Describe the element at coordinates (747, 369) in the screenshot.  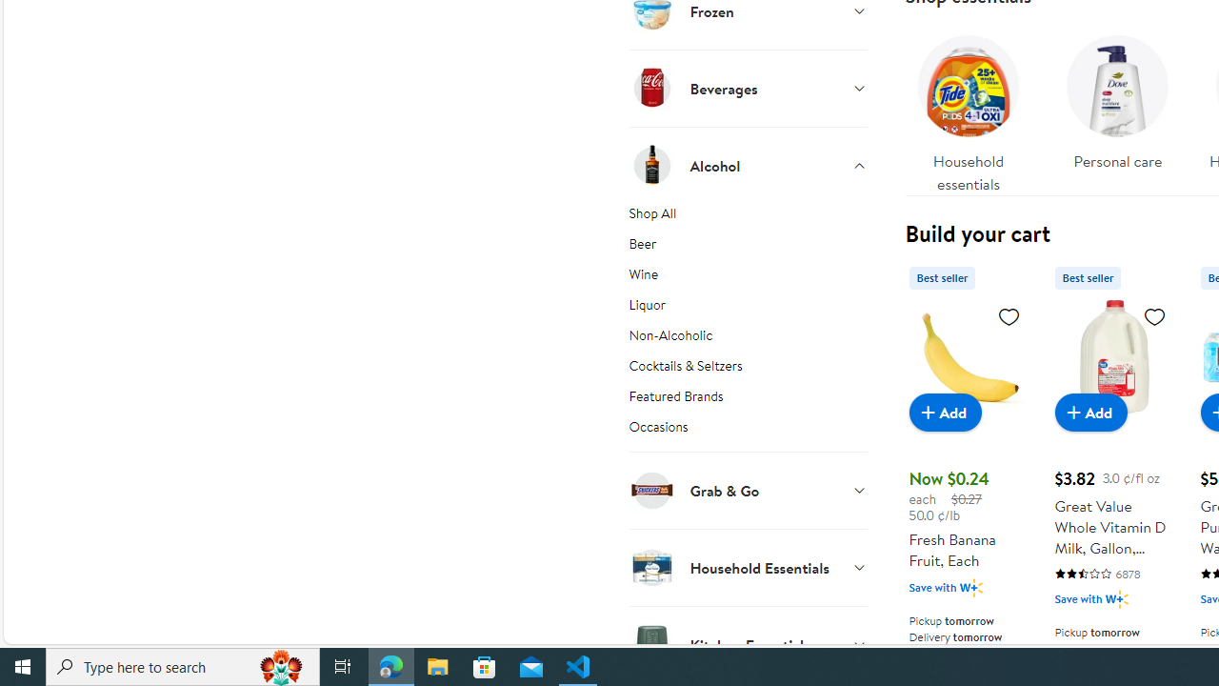
I see `'Cocktails & Seltzers'` at that location.